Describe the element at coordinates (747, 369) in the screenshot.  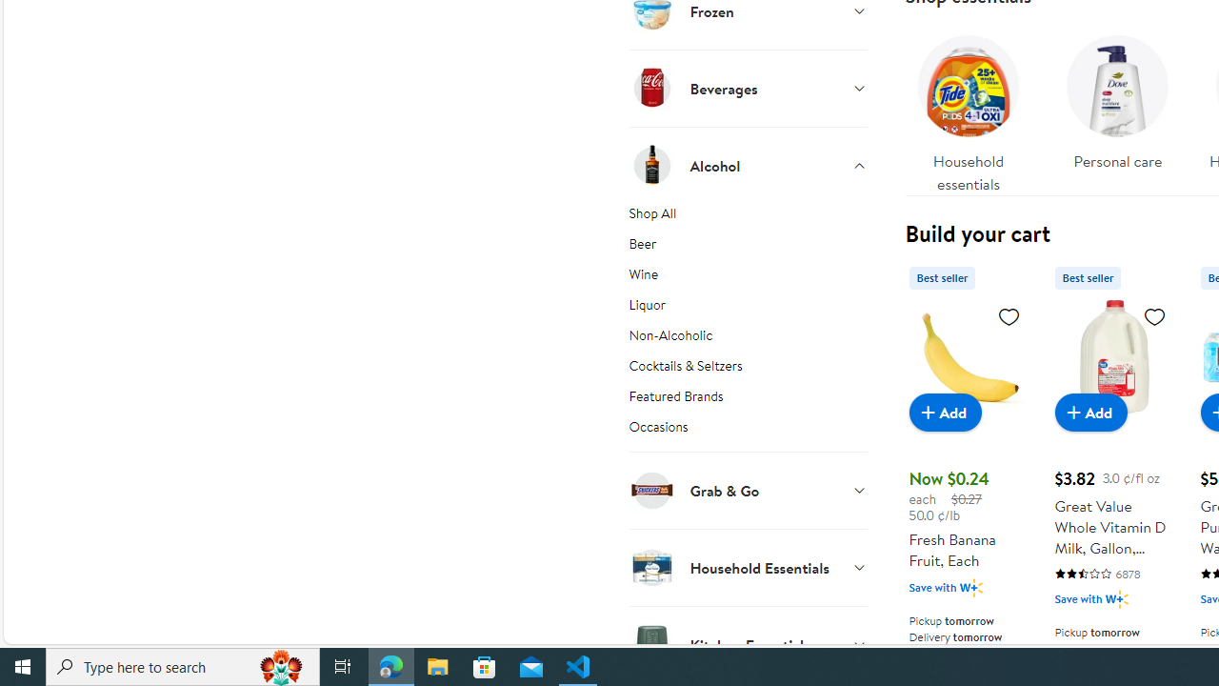
I see `'Cocktails & Seltzers'` at that location.